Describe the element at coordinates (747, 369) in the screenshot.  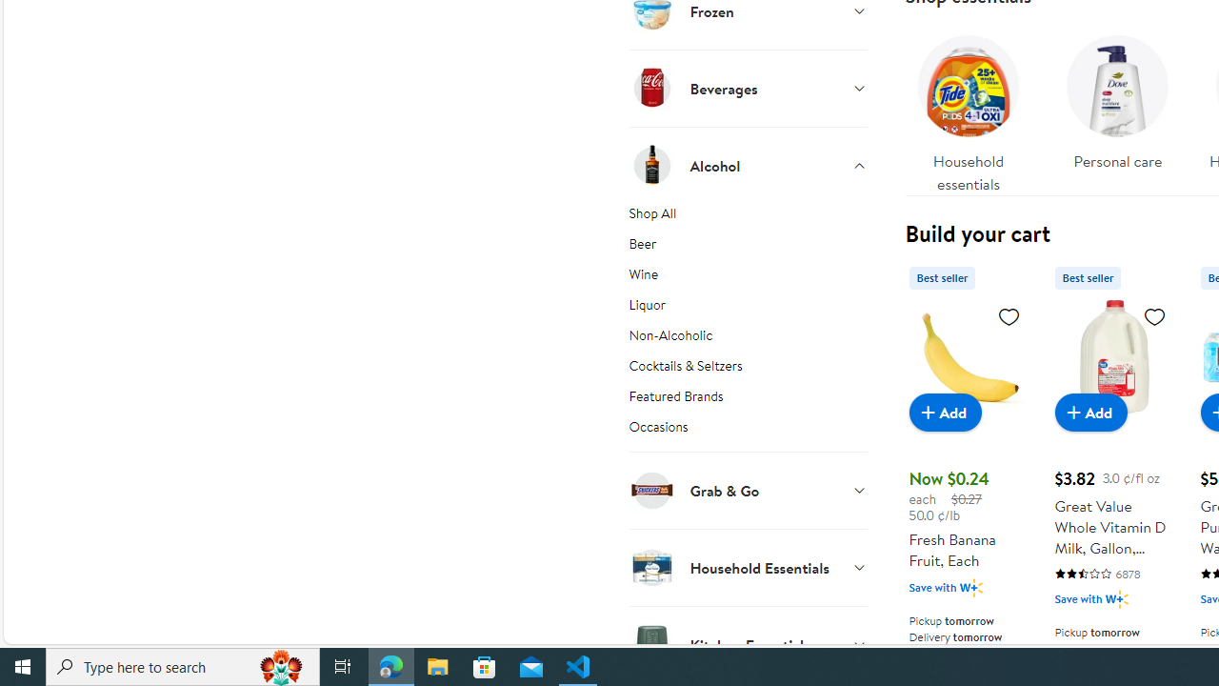
I see `'Cocktails & Seltzers'` at that location.